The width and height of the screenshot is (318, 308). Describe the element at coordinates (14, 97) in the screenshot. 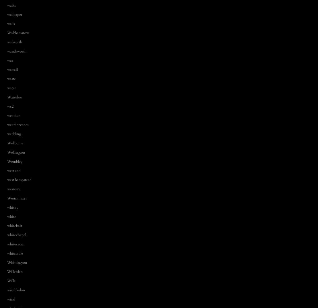

I see `'Waterloo'` at that location.